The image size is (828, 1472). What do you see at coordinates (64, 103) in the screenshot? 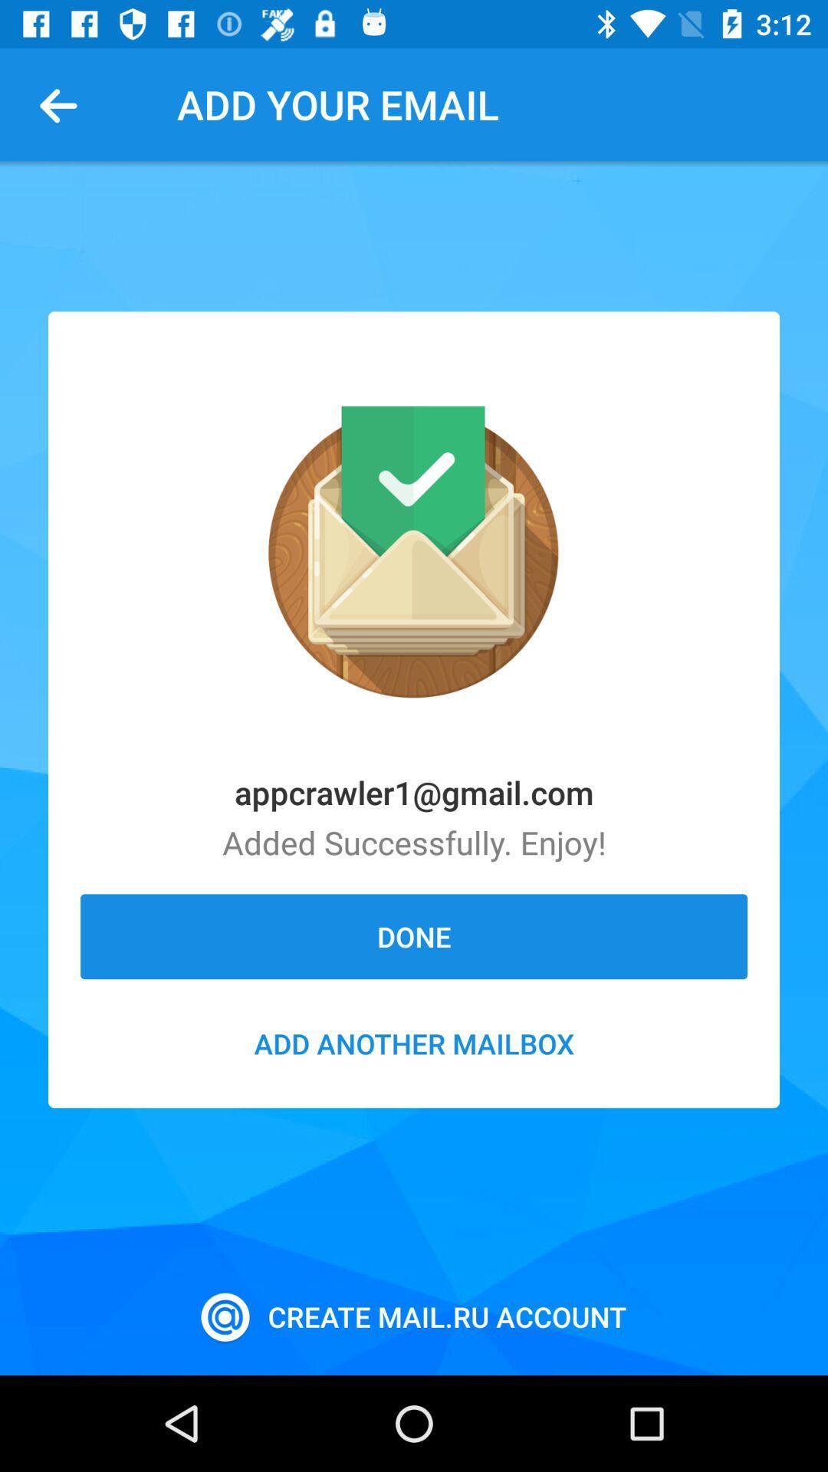
I see `the icon at the top left corner` at bounding box center [64, 103].